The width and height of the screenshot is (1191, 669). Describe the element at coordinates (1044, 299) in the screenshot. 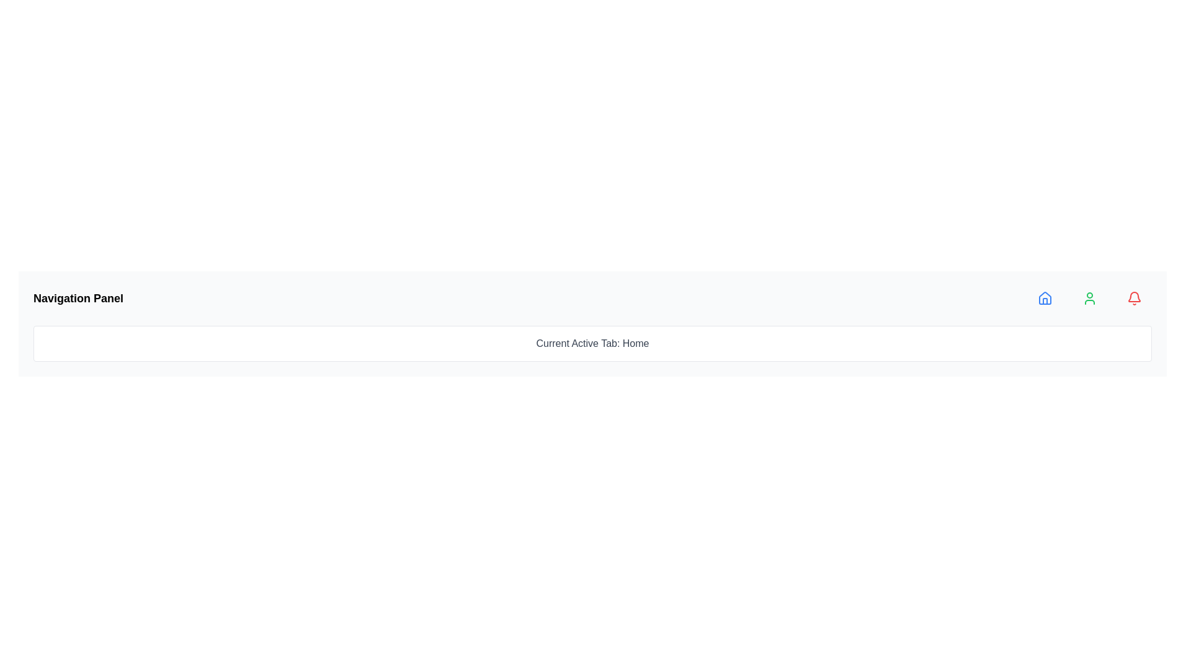

I see `the blue house icon located` at that location.